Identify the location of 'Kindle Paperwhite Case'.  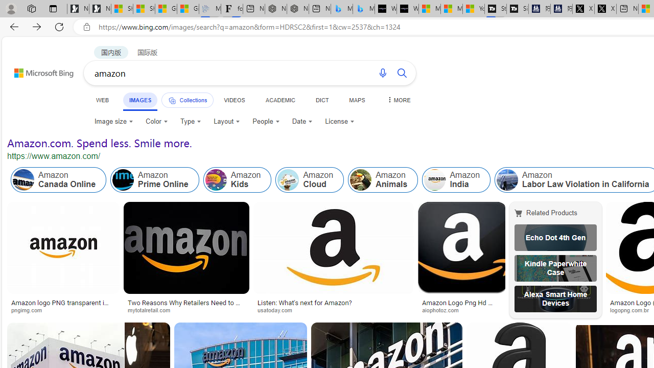
(555, 267).